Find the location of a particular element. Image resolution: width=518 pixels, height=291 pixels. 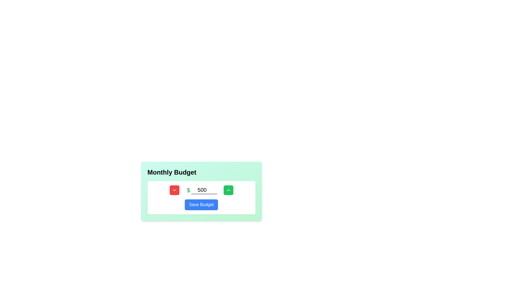

the downward-pointing chevron icon located within the red, rounded rectangle button in the budget-setting interface is located at coordinates (174, 190).